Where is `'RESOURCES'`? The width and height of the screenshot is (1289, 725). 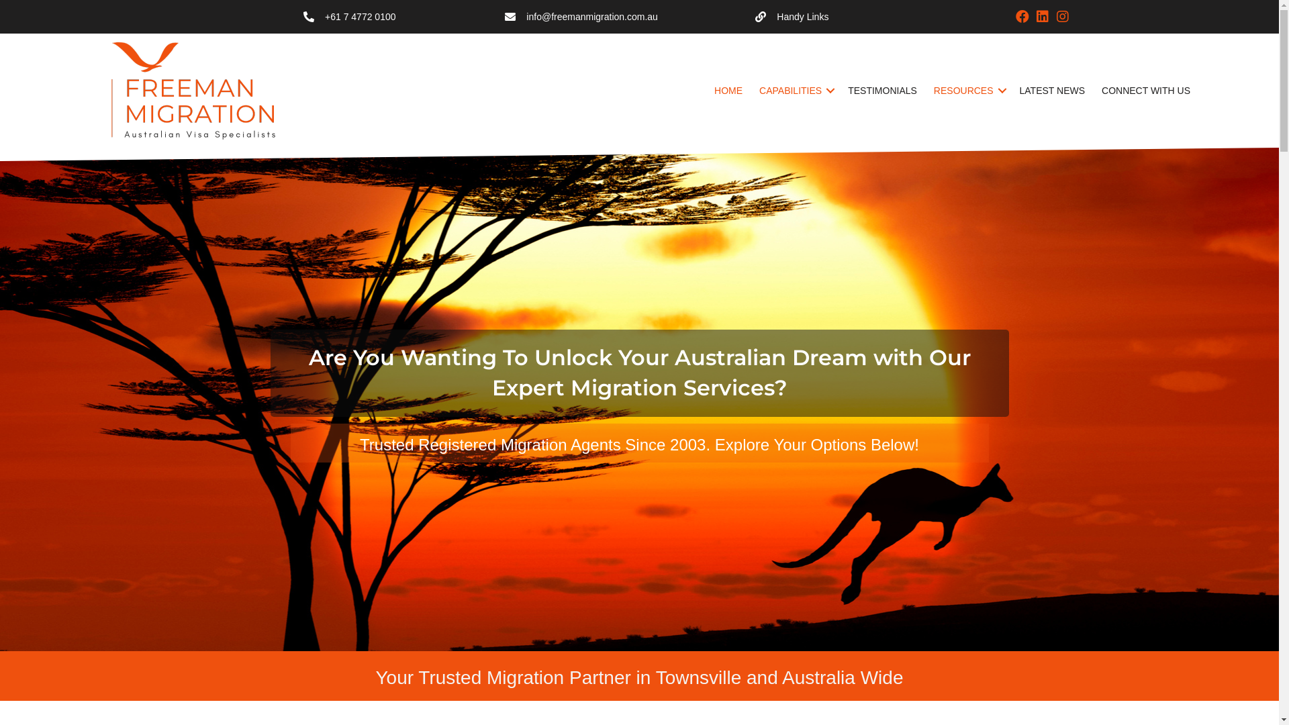 'RESOURCES' is located at coordinates (968, 91).